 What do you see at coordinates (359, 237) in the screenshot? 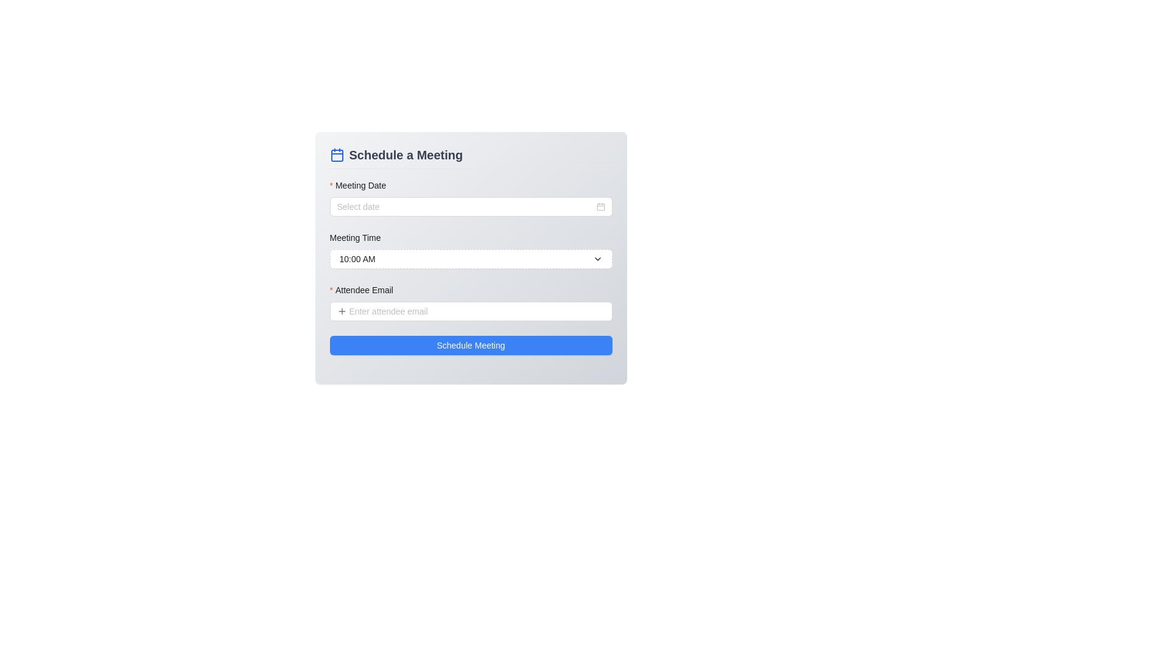
I see `the descriptive label for the input field indicating the selection of the meeting time, which is positioned directly beneath the 'Meeting Date' section` at bounding box center [359, 237].